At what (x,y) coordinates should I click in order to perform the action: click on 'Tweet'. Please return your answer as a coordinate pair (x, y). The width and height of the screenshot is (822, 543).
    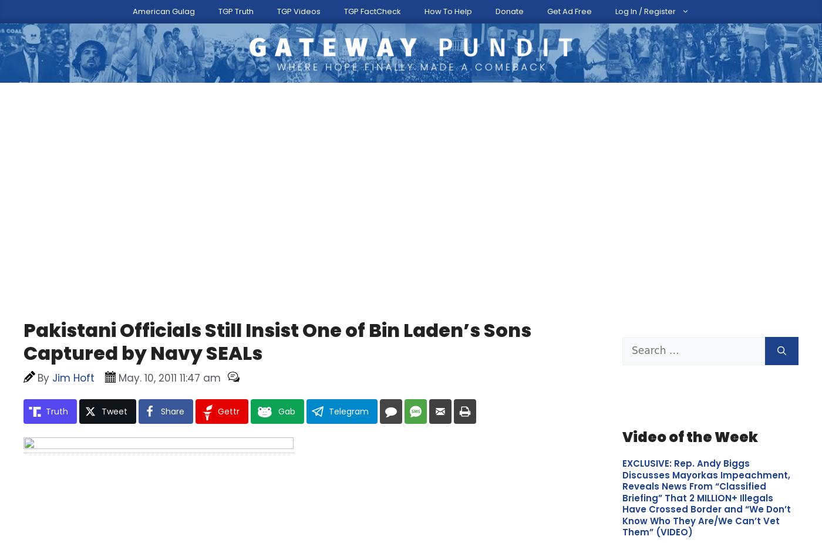
    Looking at the image, I should click on (114, 345).